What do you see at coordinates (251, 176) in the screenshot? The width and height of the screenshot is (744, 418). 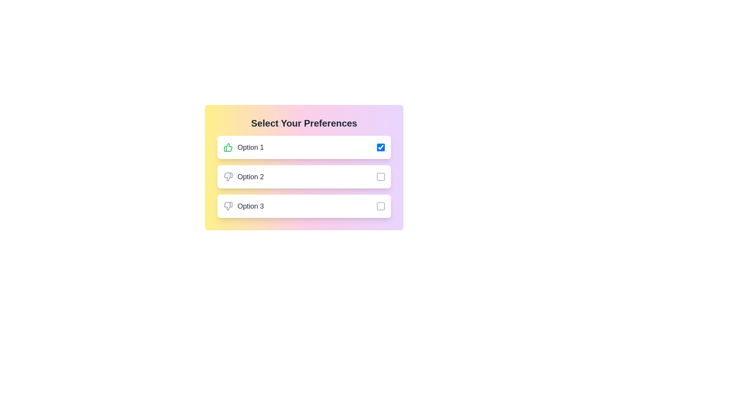 I see `text of the label displaying the second preference option, located in the vertical list between 'Option 1' and 'Option 3', to the right of an icon` at bounding box center [251, 176].